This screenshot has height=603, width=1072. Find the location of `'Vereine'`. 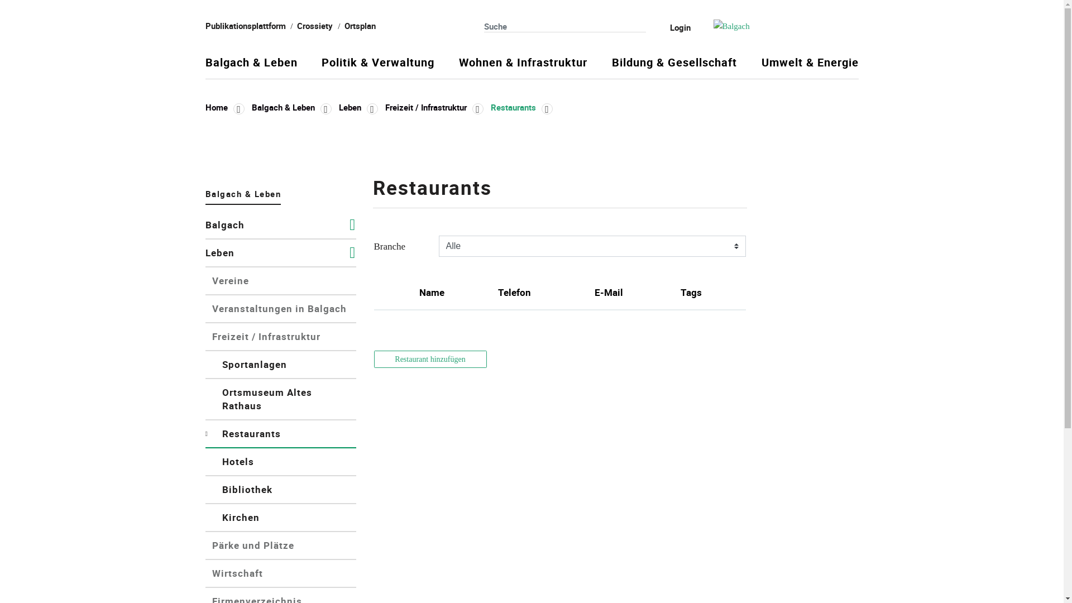

'Vereine' is located at coordinates (281, 281).